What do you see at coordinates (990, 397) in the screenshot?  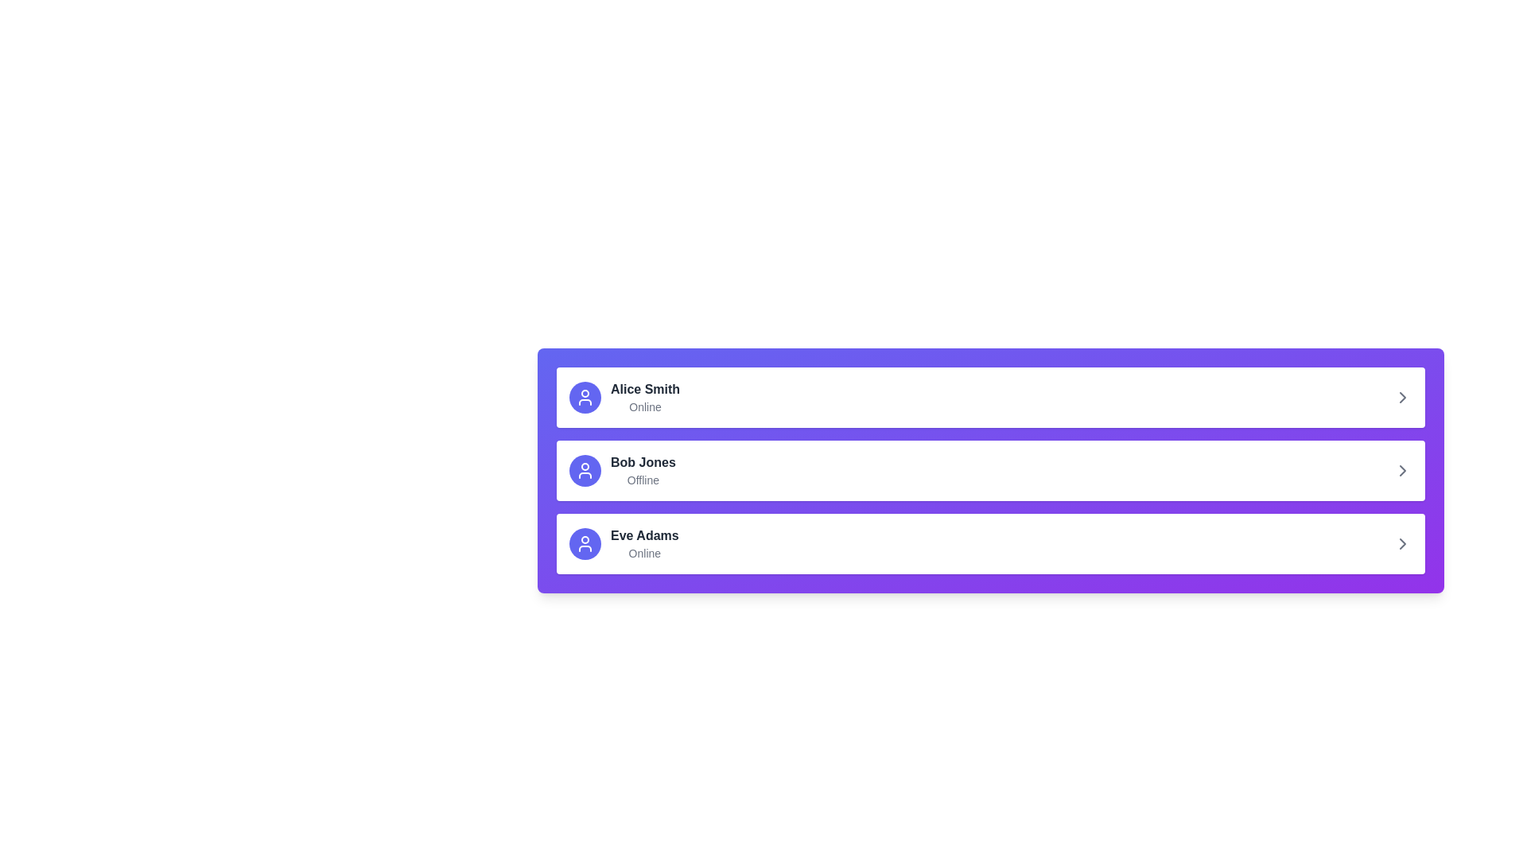 I see `the first user profile entry representing 'Alice Smith'` at bounding box center [990, 397].